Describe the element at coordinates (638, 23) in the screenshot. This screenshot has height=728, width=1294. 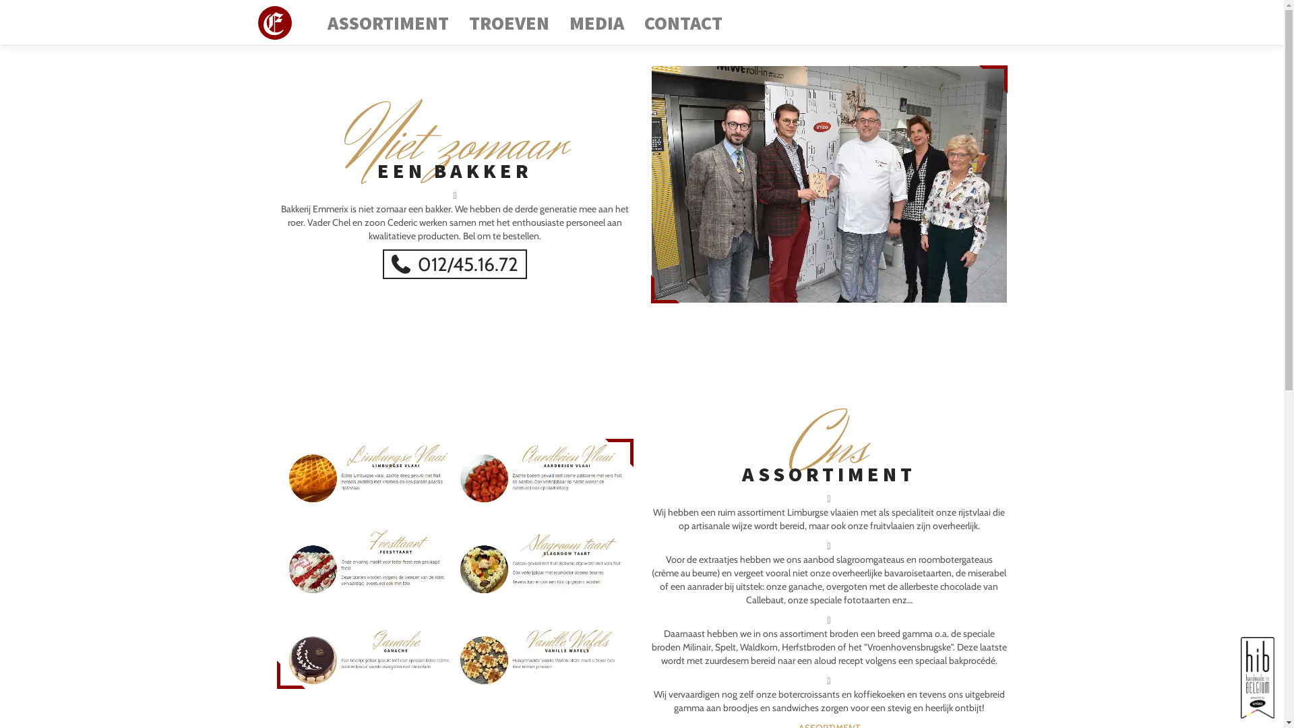
I see `'CONTACT'` at that location.